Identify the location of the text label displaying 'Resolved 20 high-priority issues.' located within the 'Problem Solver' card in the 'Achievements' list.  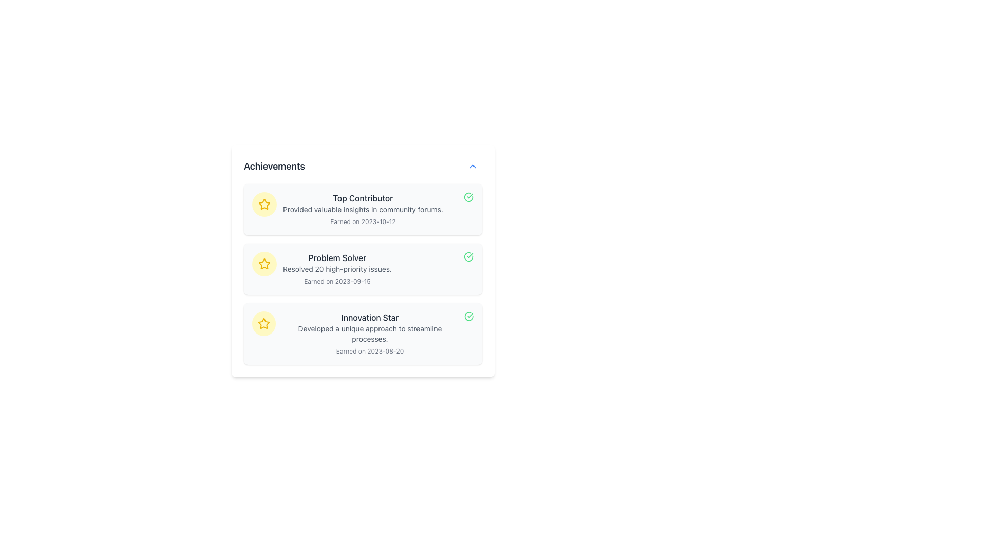
(337, 269).